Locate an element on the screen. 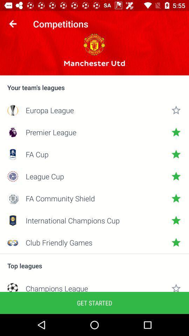  icon below the your team s is located at coordinates (94, 110).